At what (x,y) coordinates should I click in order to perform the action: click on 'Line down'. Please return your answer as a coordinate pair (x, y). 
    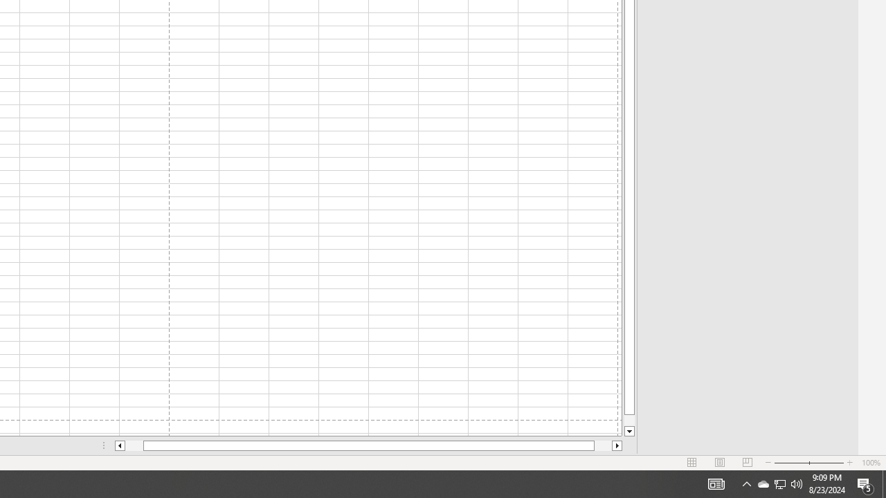
    Looking at the image, I should click on (629, 431).